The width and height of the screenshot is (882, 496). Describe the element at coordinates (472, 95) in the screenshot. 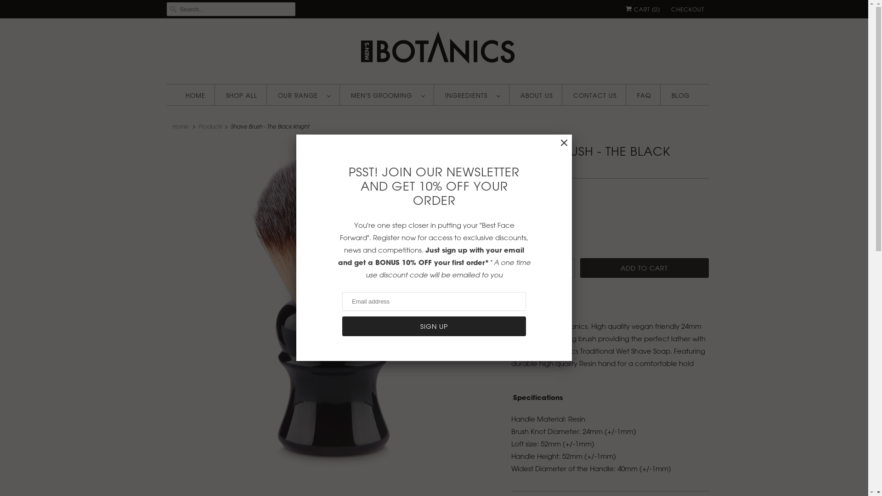

I see `'INGREDIENTS '` at that location.